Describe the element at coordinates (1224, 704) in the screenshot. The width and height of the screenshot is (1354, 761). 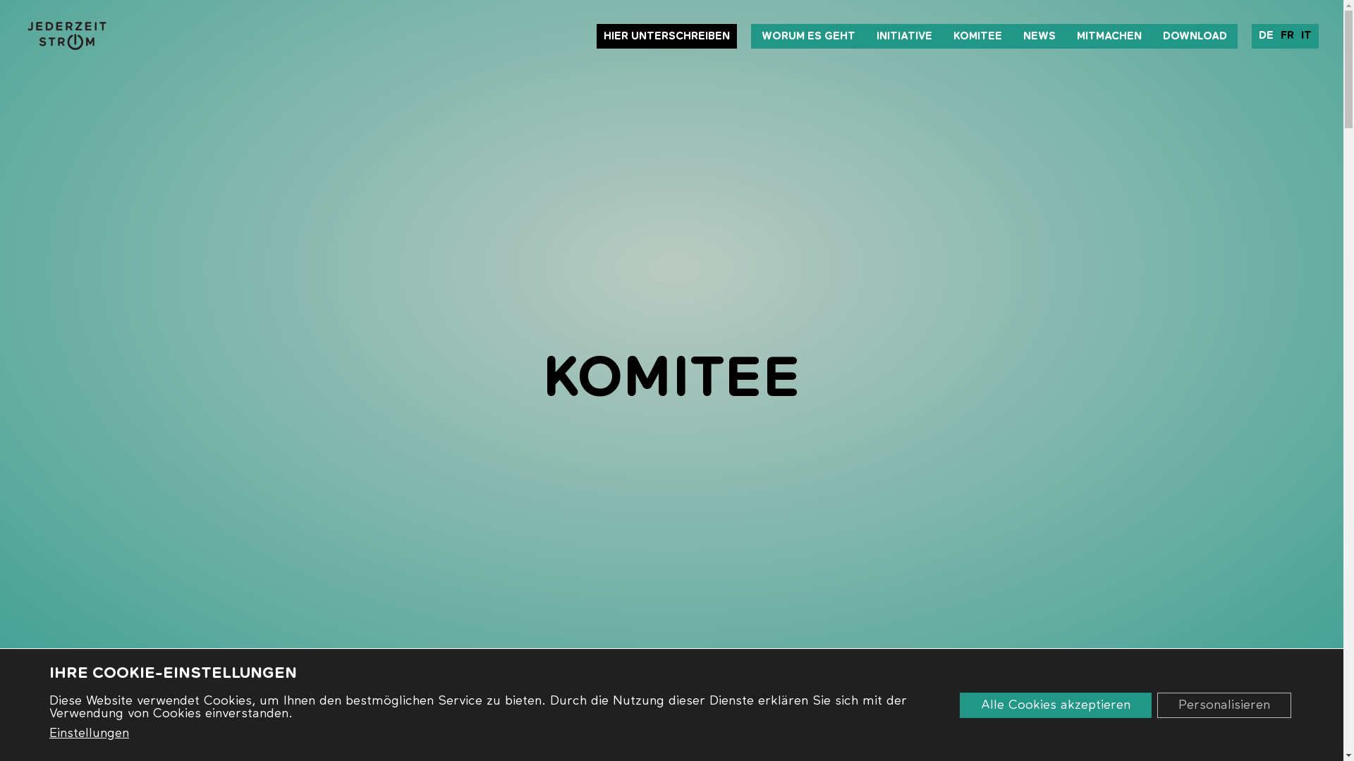
I see `'Personalisieren'` at that location.